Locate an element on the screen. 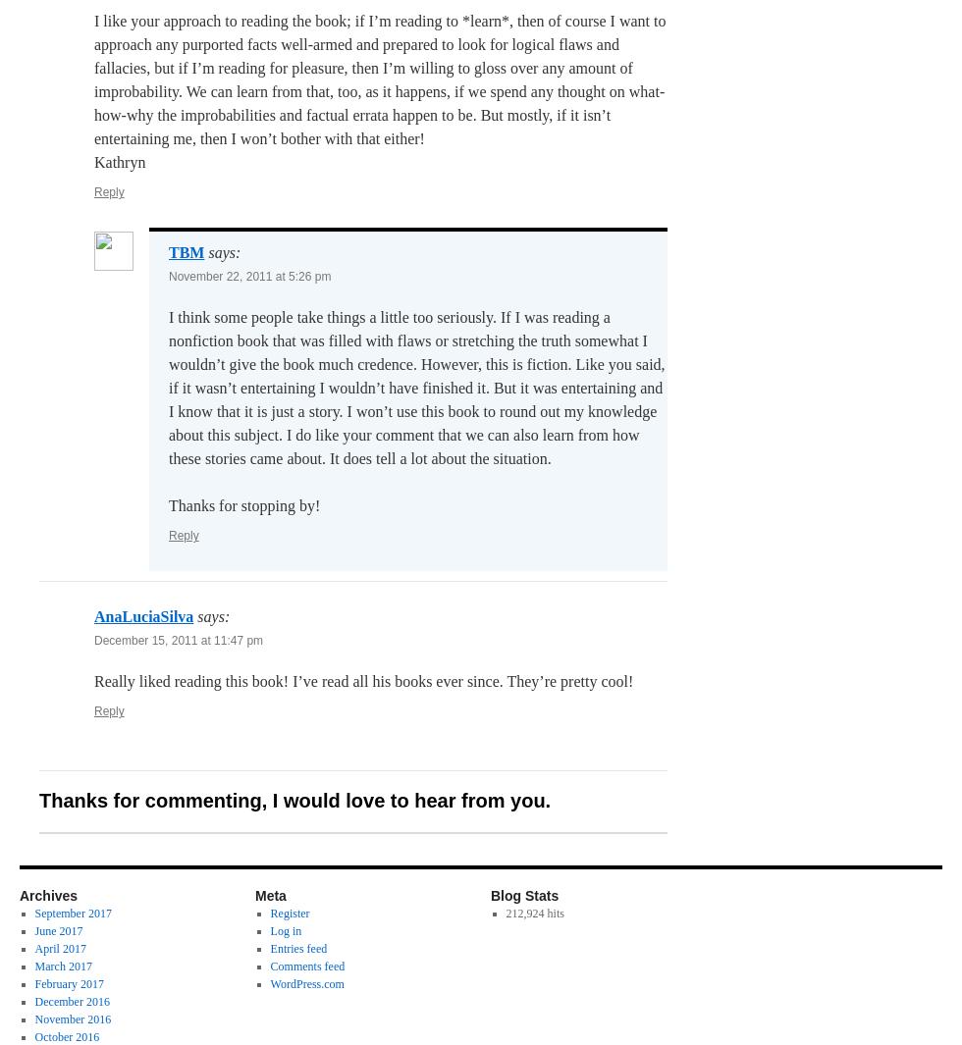  'November 2016' is located at coordinates (72, 1019).